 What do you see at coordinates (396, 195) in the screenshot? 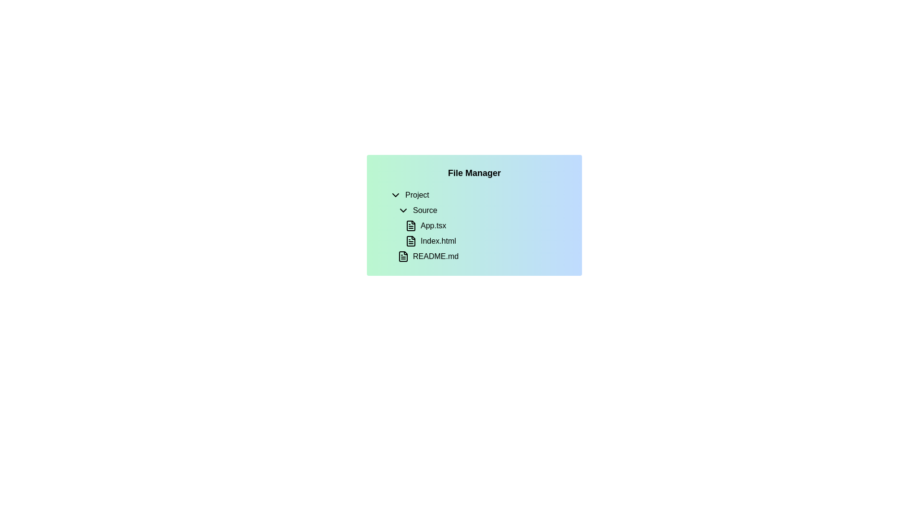
I see `the chevron icon located to the left of the text 'Project' in the File Manager interface` at bounding box center [396, 195].